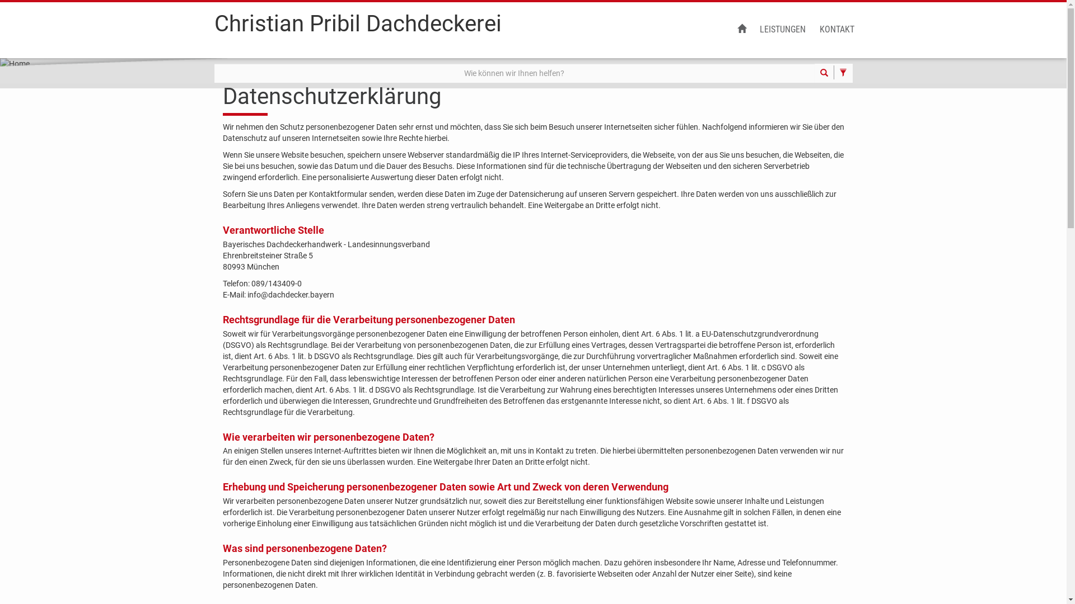 Image resolution: width=1075 pixels, height=604 pixels. I want to click on 'KONTAKT', so click(812, 30).